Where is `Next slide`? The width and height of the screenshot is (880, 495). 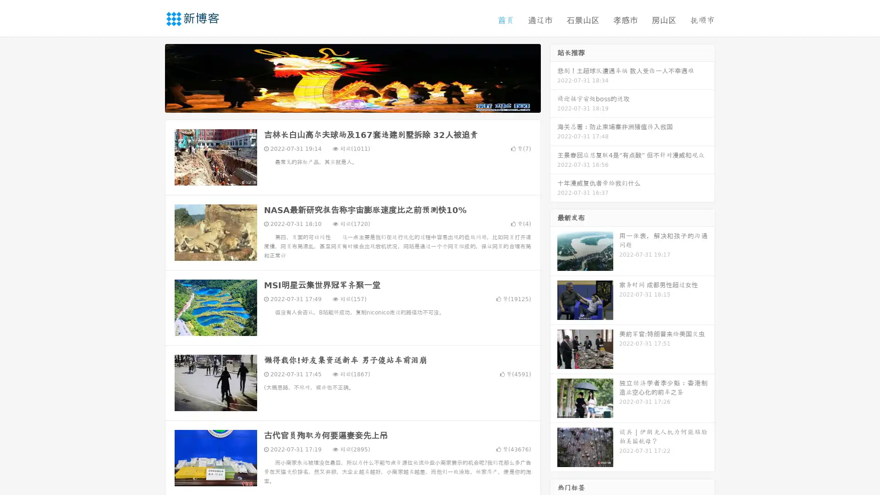 Next slide is located at coordinates (554, 77).